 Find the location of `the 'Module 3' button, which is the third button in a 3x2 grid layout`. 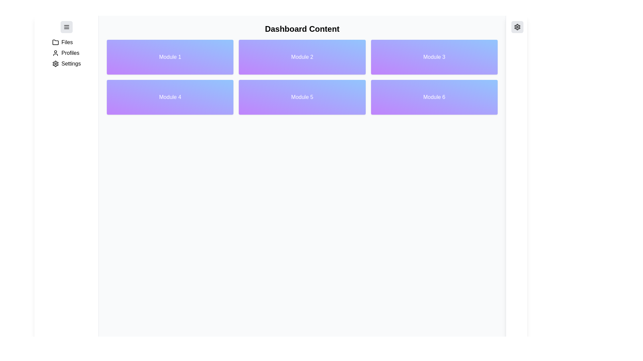

the 'Module 3' button, which is the third button in a 3x2 grid layout is located at coordinates (434, 56).